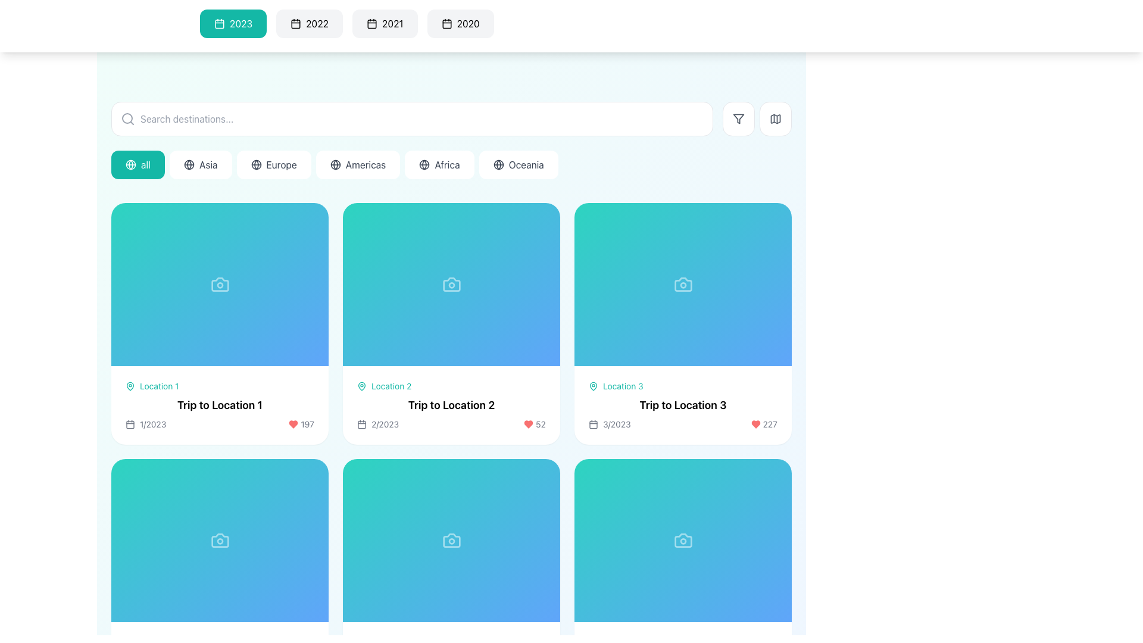 The image size is (1143, 643). What do you see at coordinates (301, 423) in the screenshot?
I see `the static text label displaying the number '197', which is styled in gray and located to the right of a red heart icon in the bottom section of the first card in a grid layout` at bounding box center [301, 423].